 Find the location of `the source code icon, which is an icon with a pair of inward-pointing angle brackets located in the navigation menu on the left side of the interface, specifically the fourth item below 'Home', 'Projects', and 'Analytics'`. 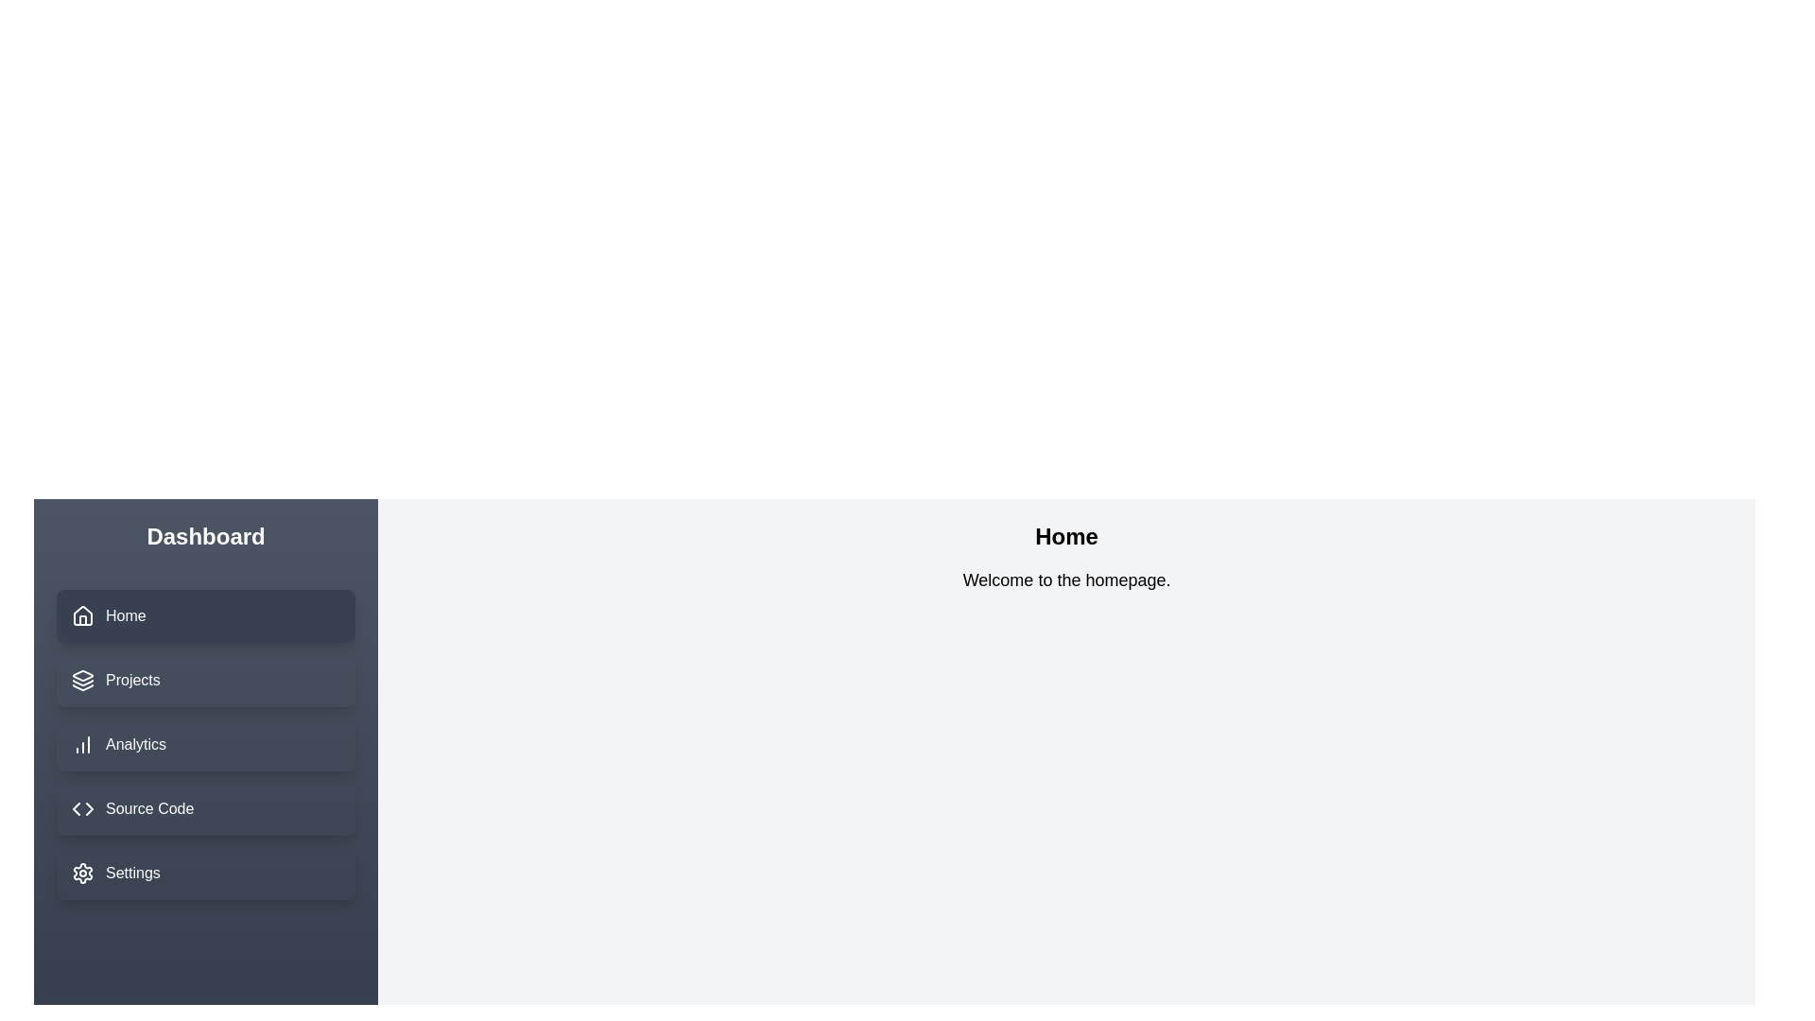

the source code icon, which is an icon with a pair of inward-pointing angle brackets located in the navigation menu on the left side of the interface, specifically the fourth item below 'Home', 'Projects', and 'Analytics' is located at coordinates (81, 808).